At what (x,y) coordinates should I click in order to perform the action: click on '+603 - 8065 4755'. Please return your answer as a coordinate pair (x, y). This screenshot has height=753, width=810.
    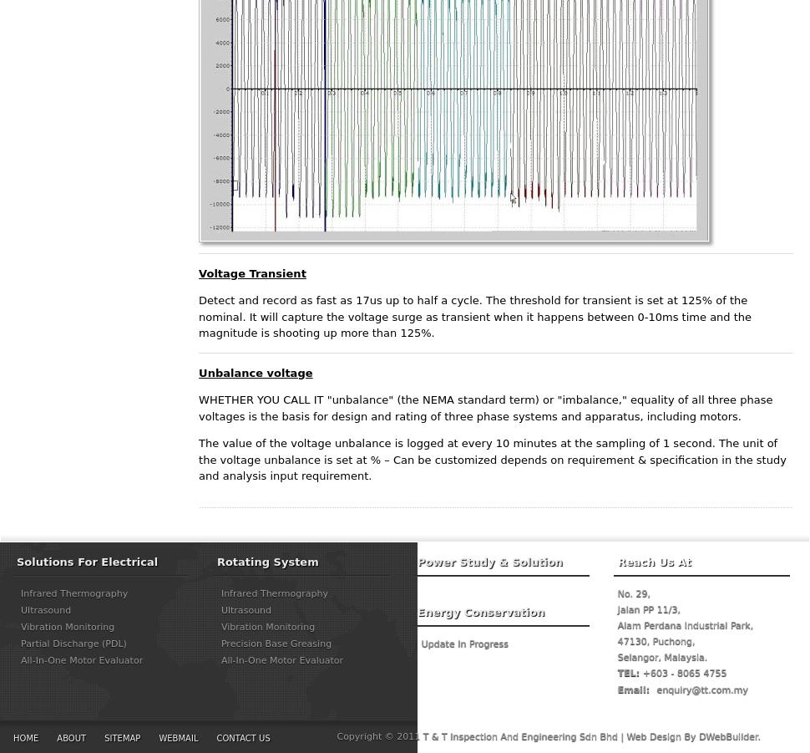
    Looking at the image, I should click on (683, 672).